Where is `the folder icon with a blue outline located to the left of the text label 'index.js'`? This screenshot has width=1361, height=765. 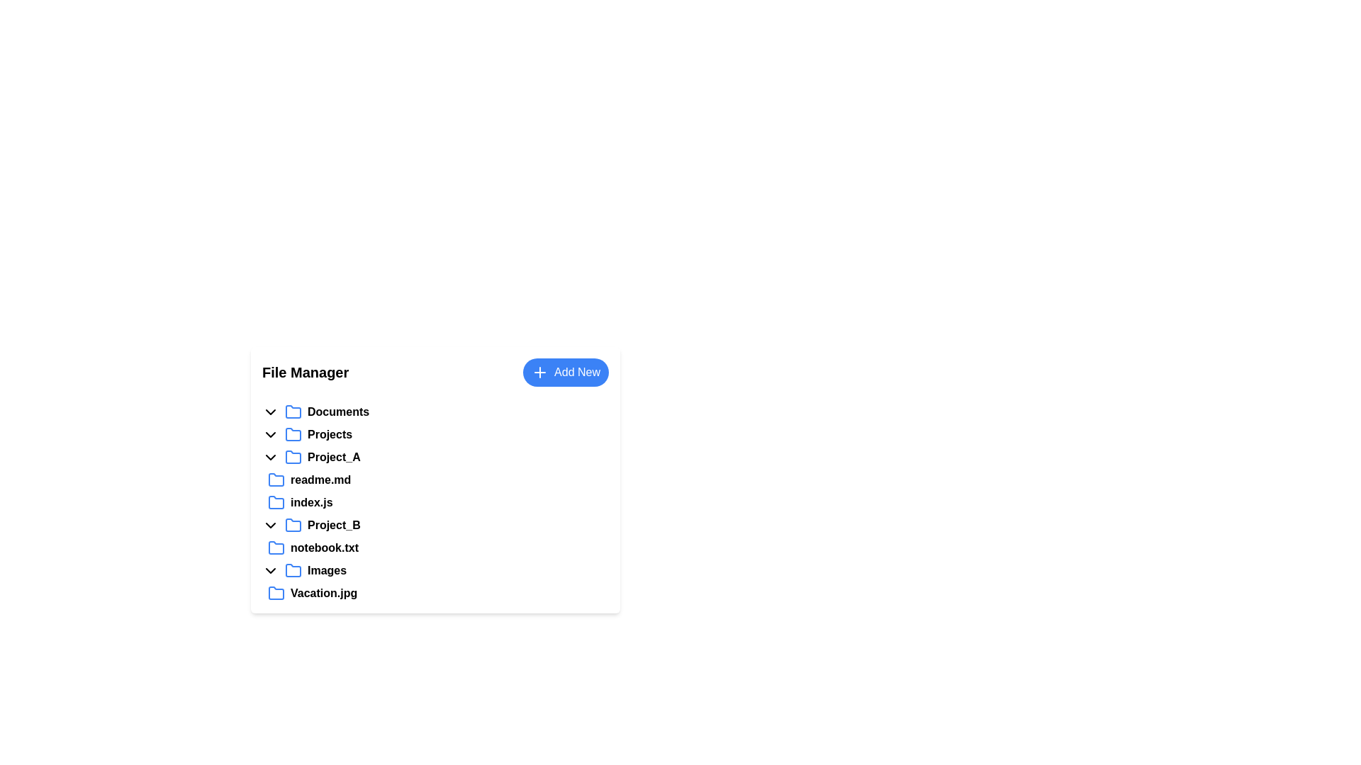 the folder icon with a blue outline located to the left of the text label 'index.js' is located at coordinates (276, 501).